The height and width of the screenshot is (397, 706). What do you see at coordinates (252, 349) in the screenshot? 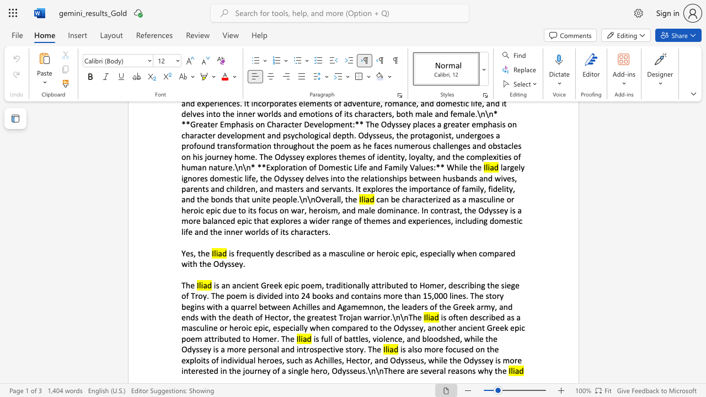
I see `the subset text "ersonal and introspective story. The" within the text "battles, violence, and bloodshed, while the Odyssey is a more personal and introspective story. The"` at bounding box center [252, 349].